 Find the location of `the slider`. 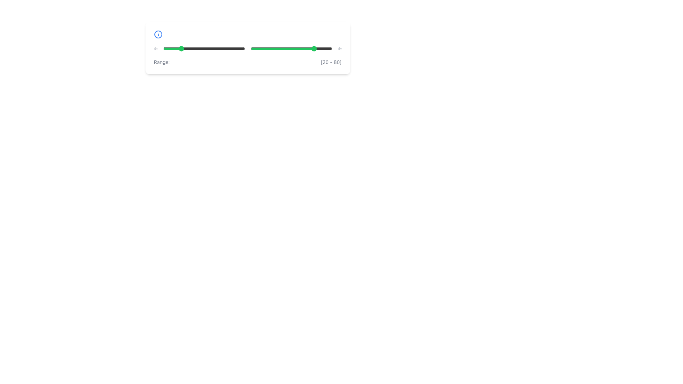

the slider is located at coordinates (167, 48).